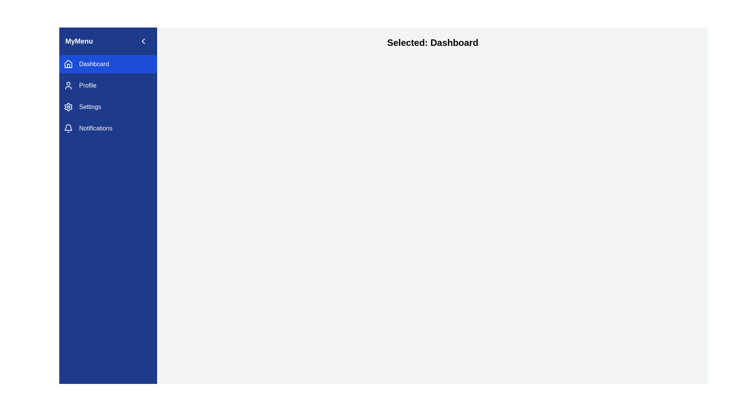 The width and height of the screenshot is (734, 413). I want to click on the Dashboard icon located at the top of the vertically stacked menu in the left sidebar, so click(68, 64).